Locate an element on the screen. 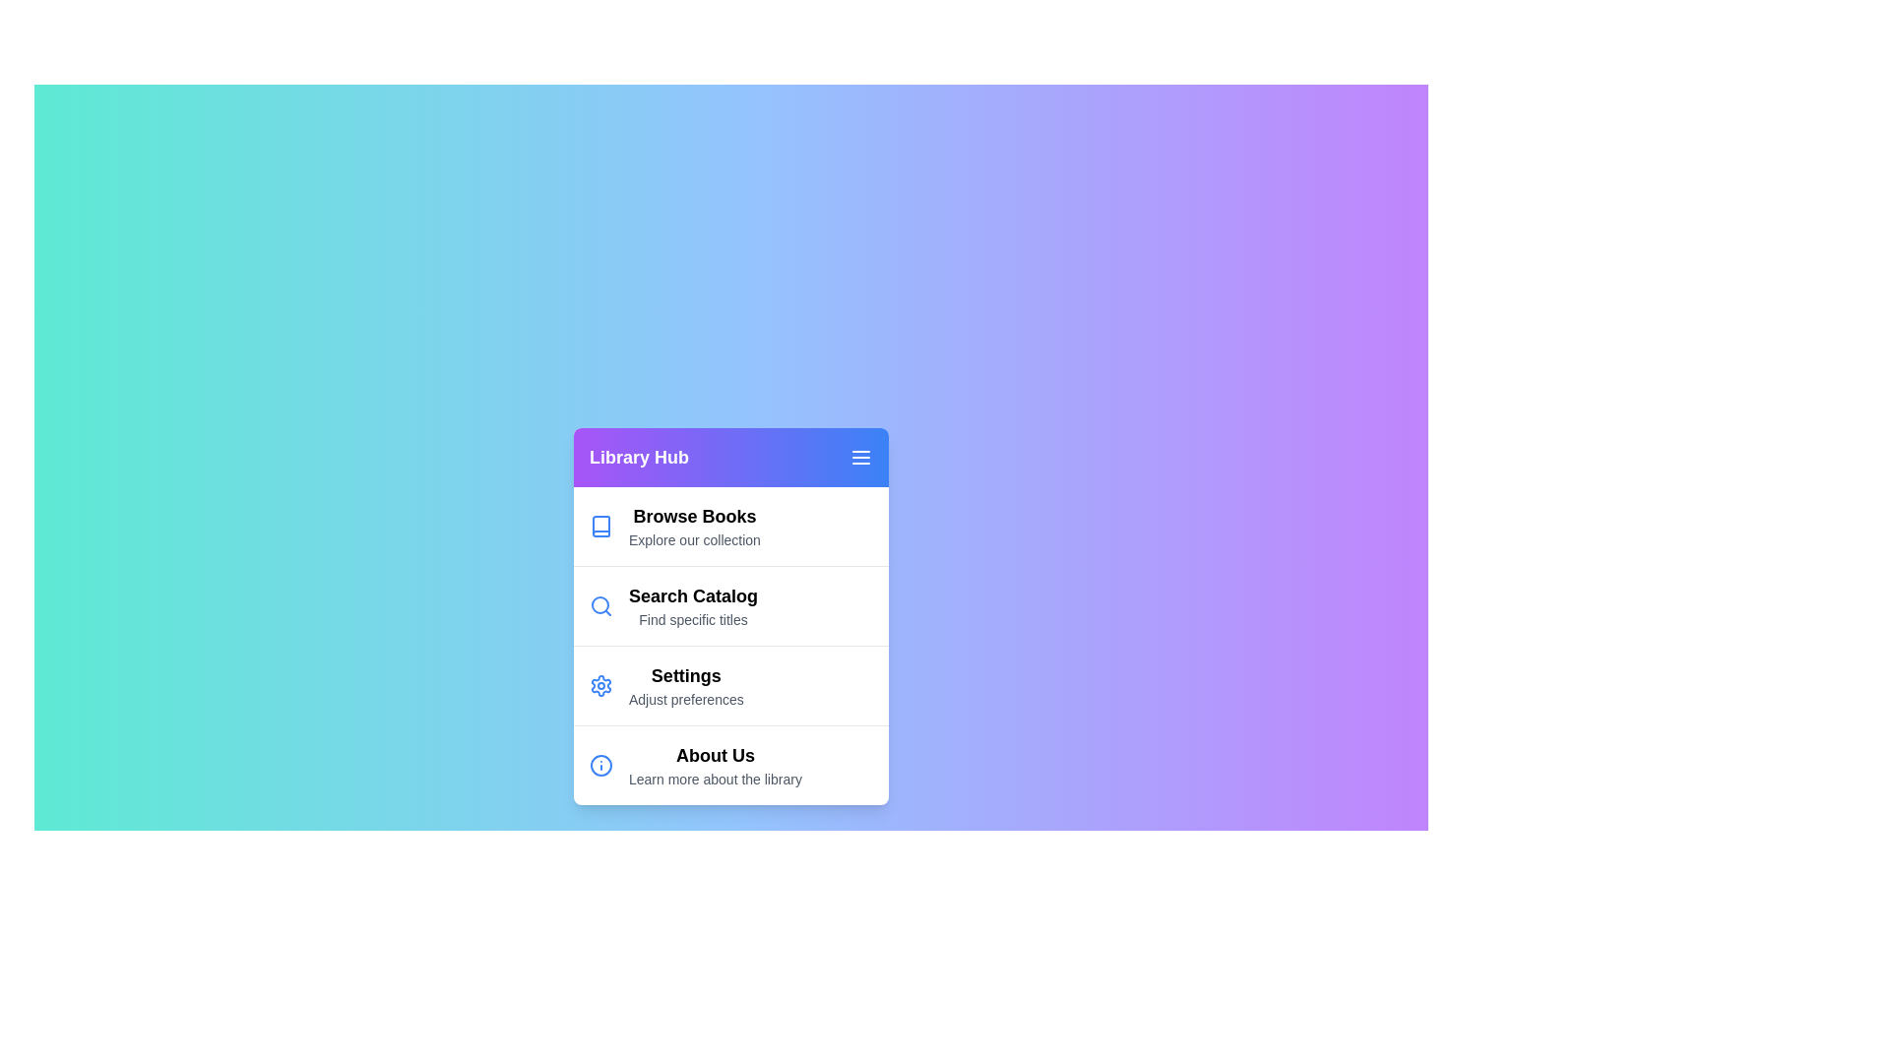 This screenshot has height=1063, width=1890. the menu item About Us by clicking on it is located at coordinates (730, 763).